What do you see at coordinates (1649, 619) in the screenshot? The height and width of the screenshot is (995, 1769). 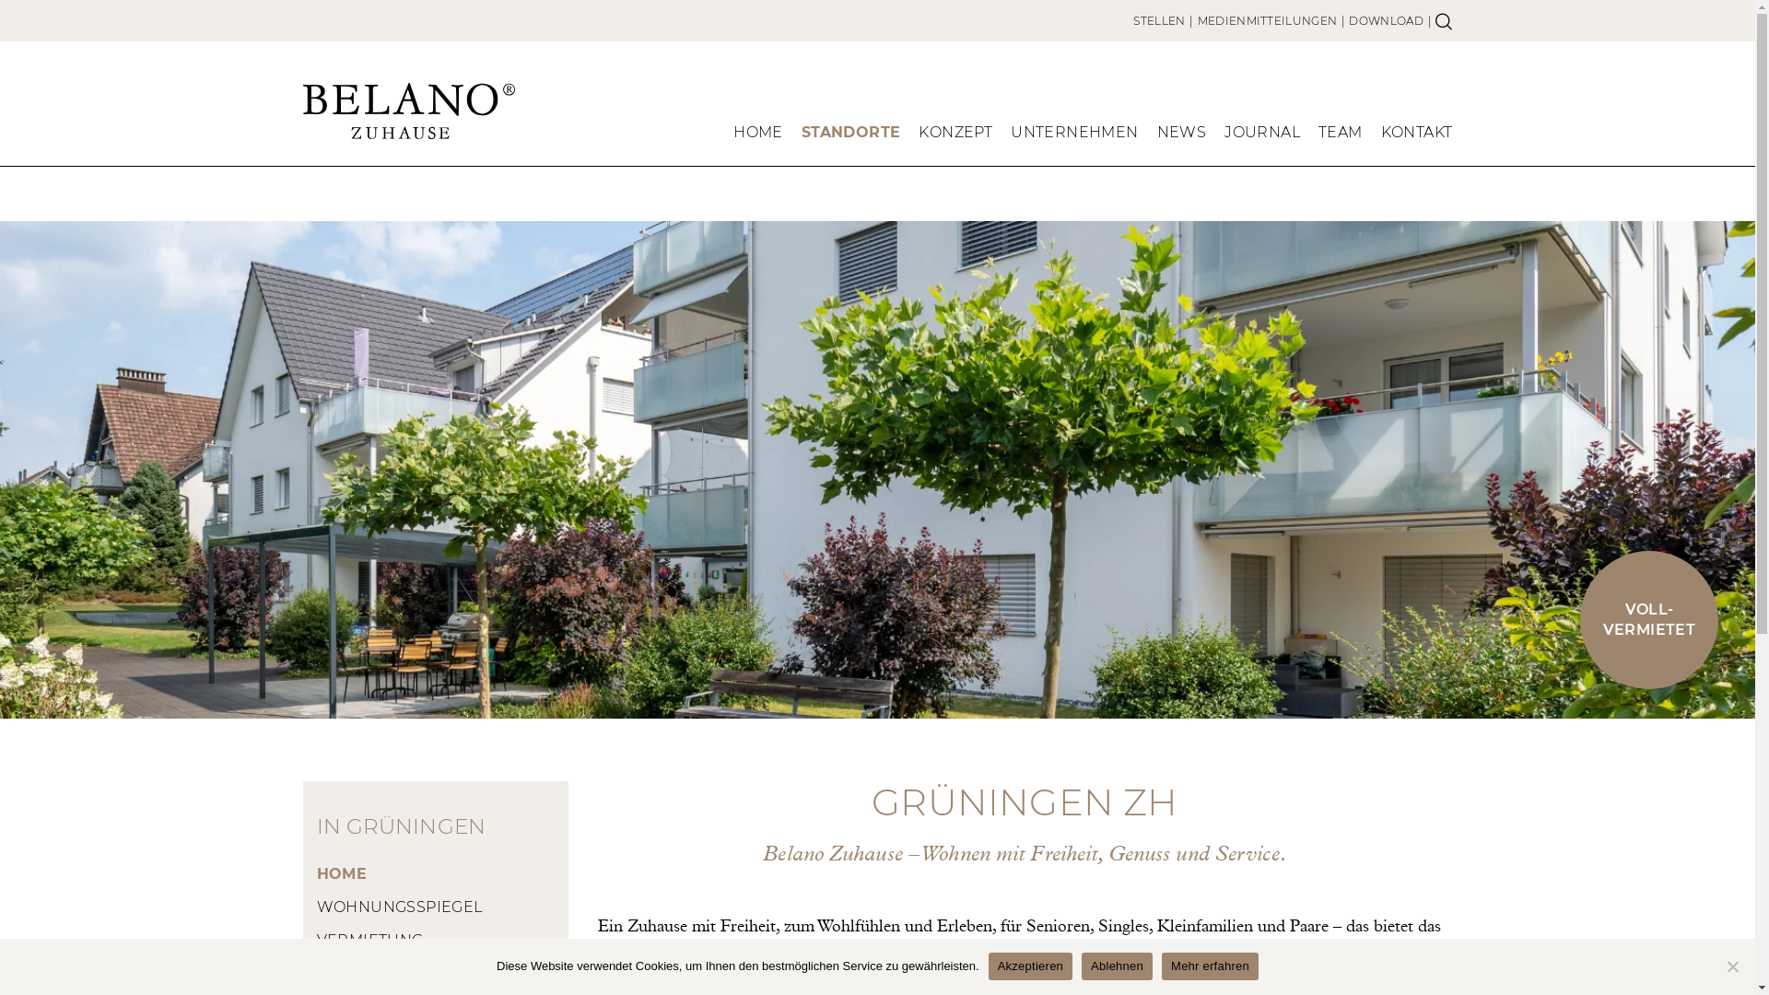 I see `'VOLL-` at bounding box center [1649, 619].